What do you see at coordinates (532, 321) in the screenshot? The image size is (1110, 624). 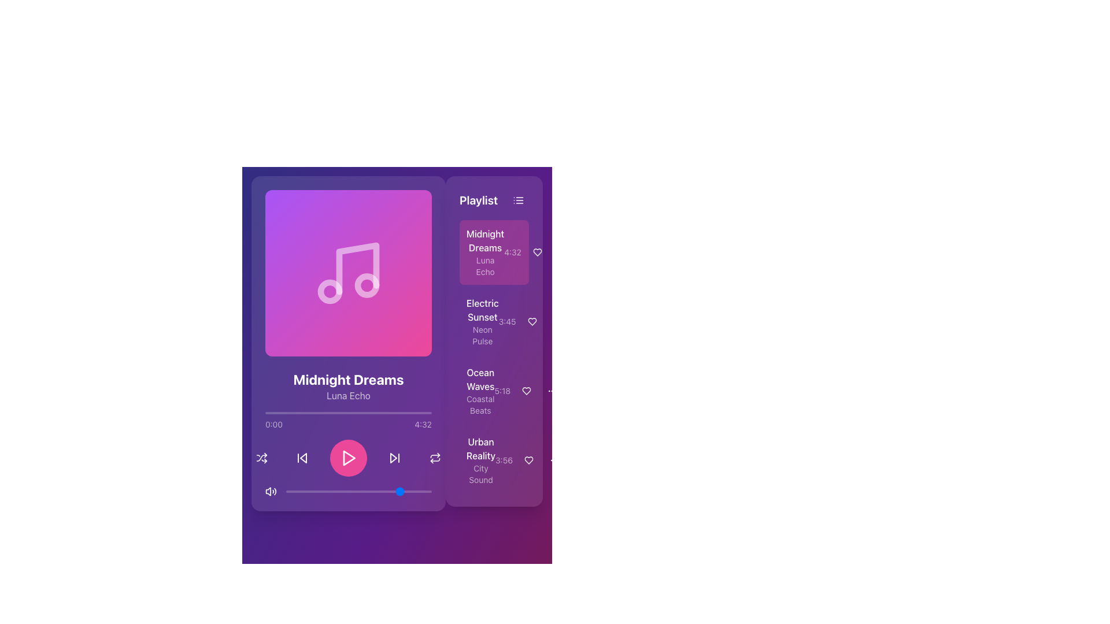 I see `the 'like' button located in the playlist section next to the 'Electric Sunset' track entry` at bounding box center [532, 321].